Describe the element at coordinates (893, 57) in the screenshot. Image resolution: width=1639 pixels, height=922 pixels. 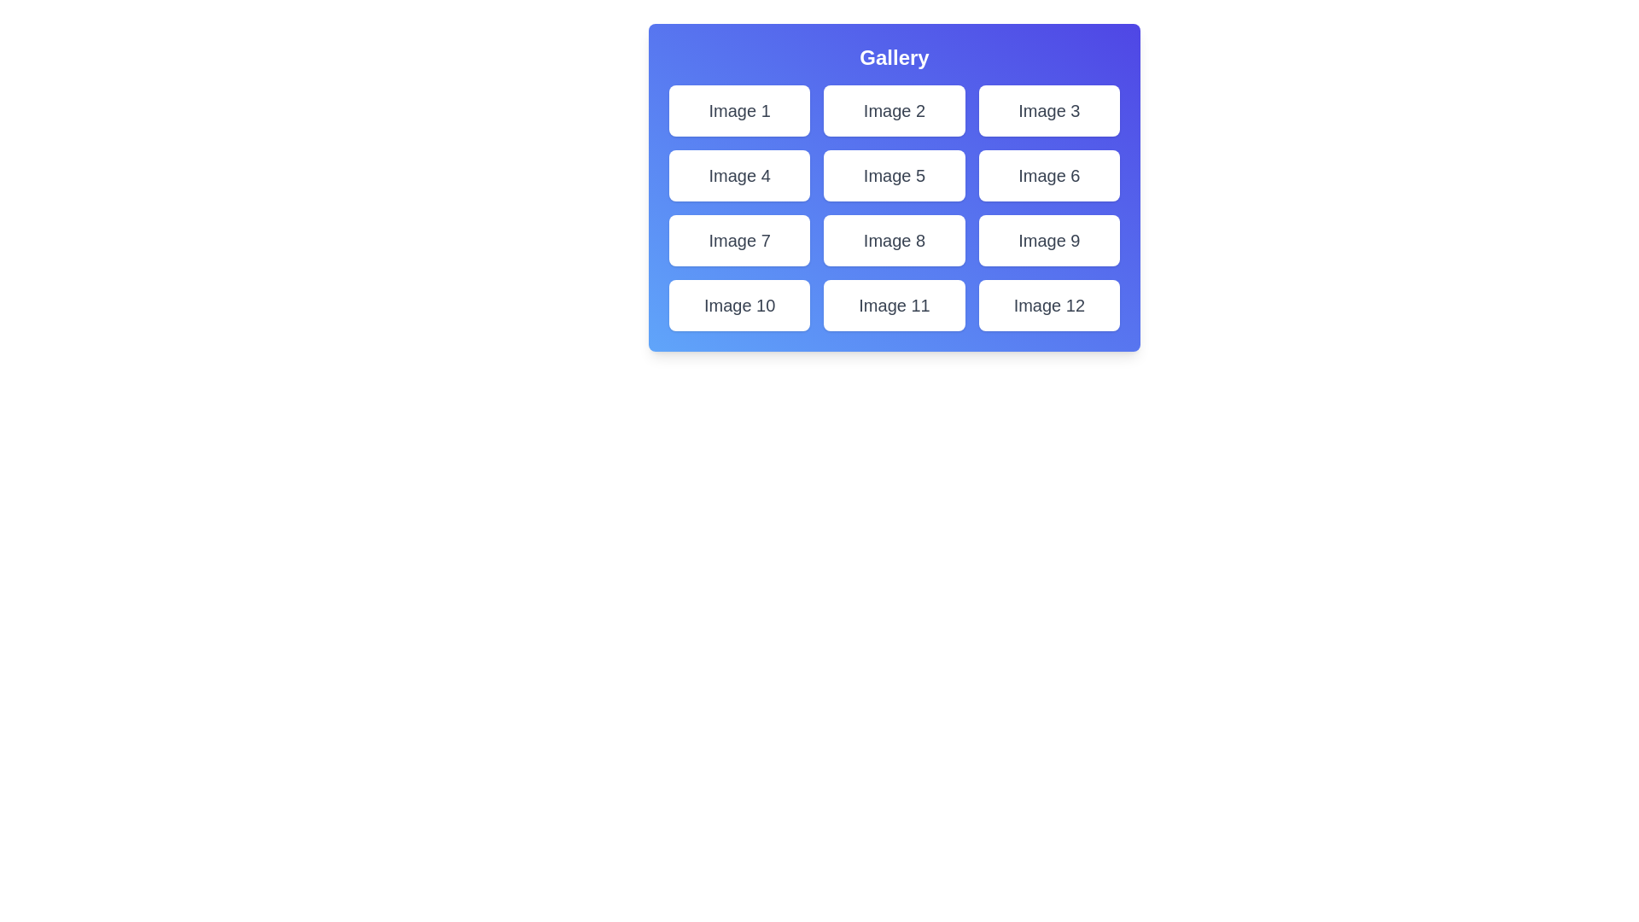
I see `the title 'Gallery' to trigger an interaction` at that location.